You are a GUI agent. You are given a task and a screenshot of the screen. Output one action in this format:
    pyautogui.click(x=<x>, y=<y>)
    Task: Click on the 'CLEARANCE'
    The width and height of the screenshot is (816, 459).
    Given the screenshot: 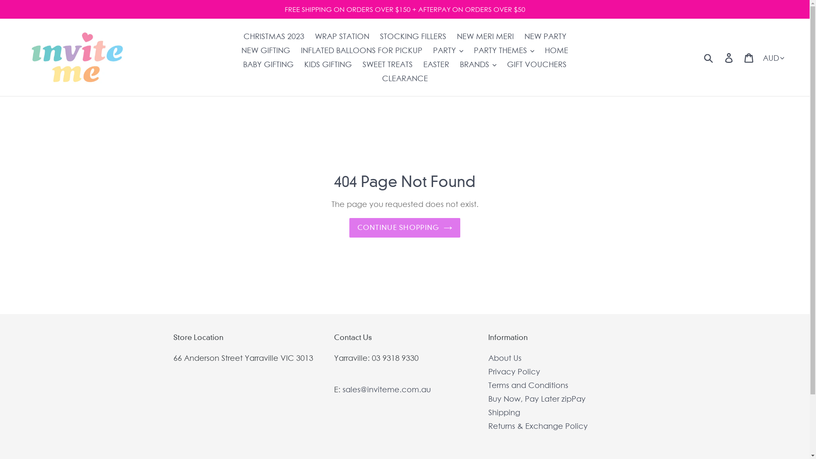 What is the action you would take?
    pyautogui.click(x=404, y=78)
    